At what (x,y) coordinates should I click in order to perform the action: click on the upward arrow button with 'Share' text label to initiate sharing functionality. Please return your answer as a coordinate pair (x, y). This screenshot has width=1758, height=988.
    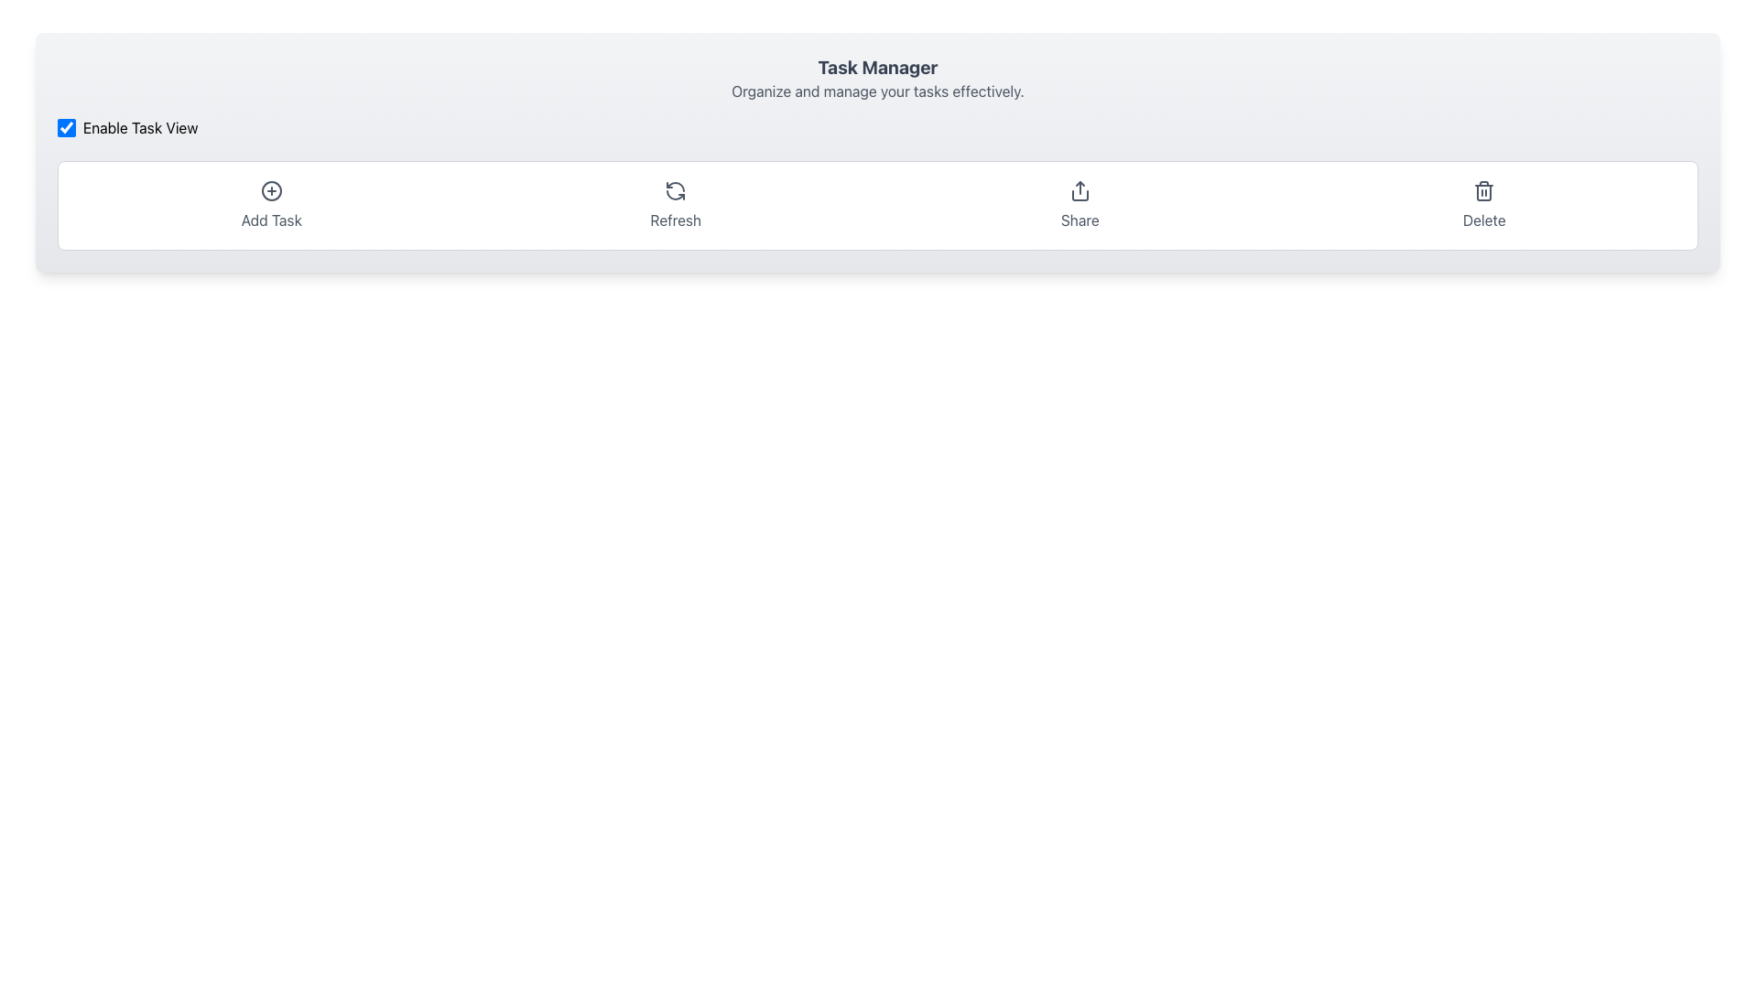
    Looking at the image, I should click on (1080, 205).